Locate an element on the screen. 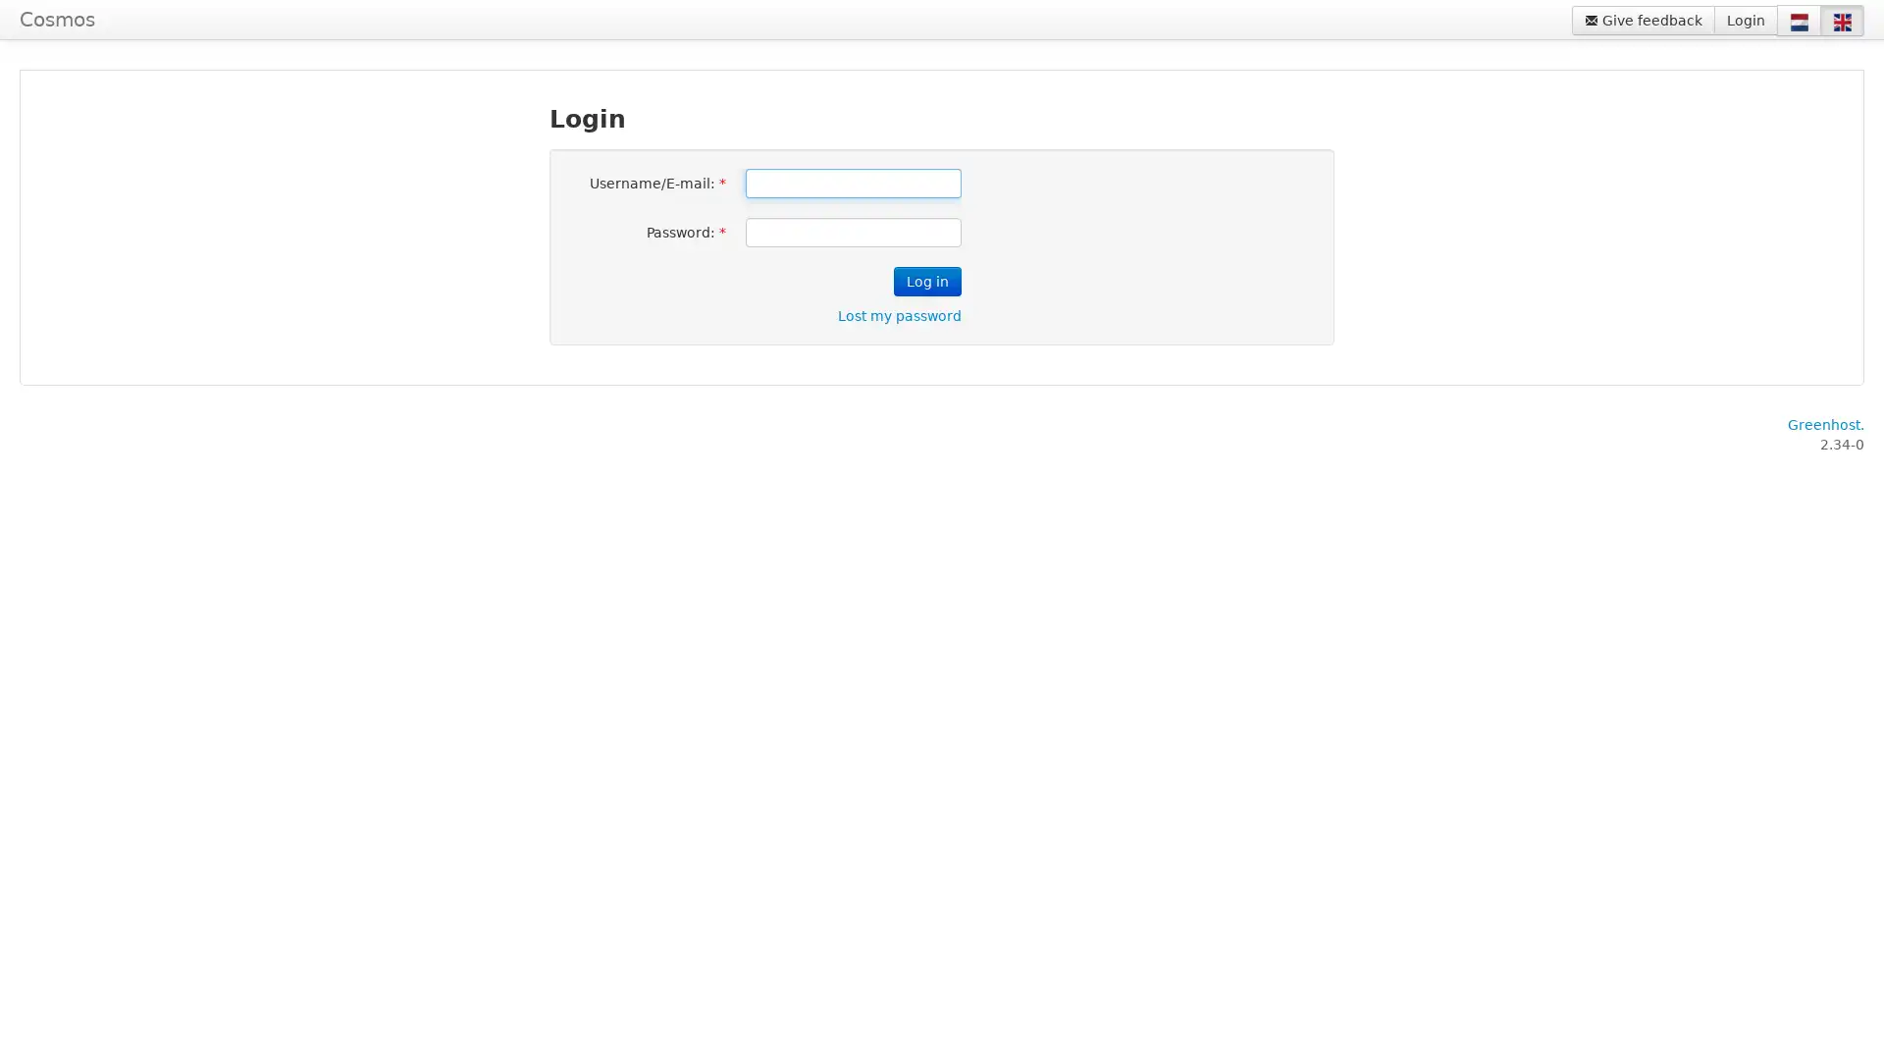 The height and width of the screenshot is (1060, 1884). Log in is located at coordinates (926, 281).